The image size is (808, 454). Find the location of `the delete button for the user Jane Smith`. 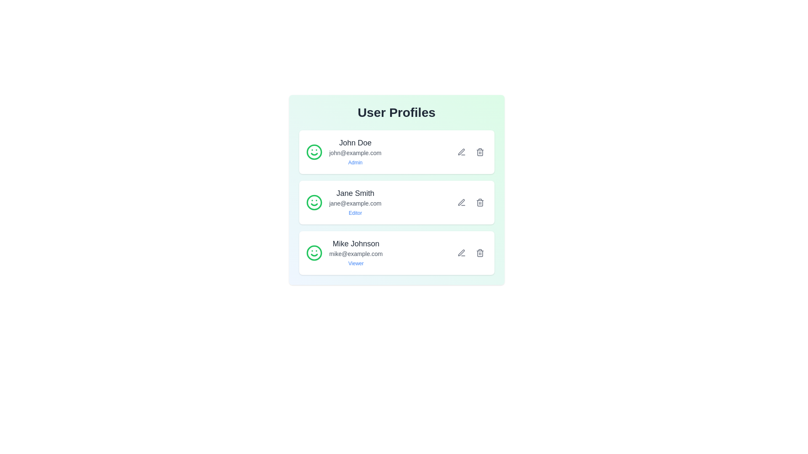

the delete button for the user Jane Smith is located at coordinates (480, 203).